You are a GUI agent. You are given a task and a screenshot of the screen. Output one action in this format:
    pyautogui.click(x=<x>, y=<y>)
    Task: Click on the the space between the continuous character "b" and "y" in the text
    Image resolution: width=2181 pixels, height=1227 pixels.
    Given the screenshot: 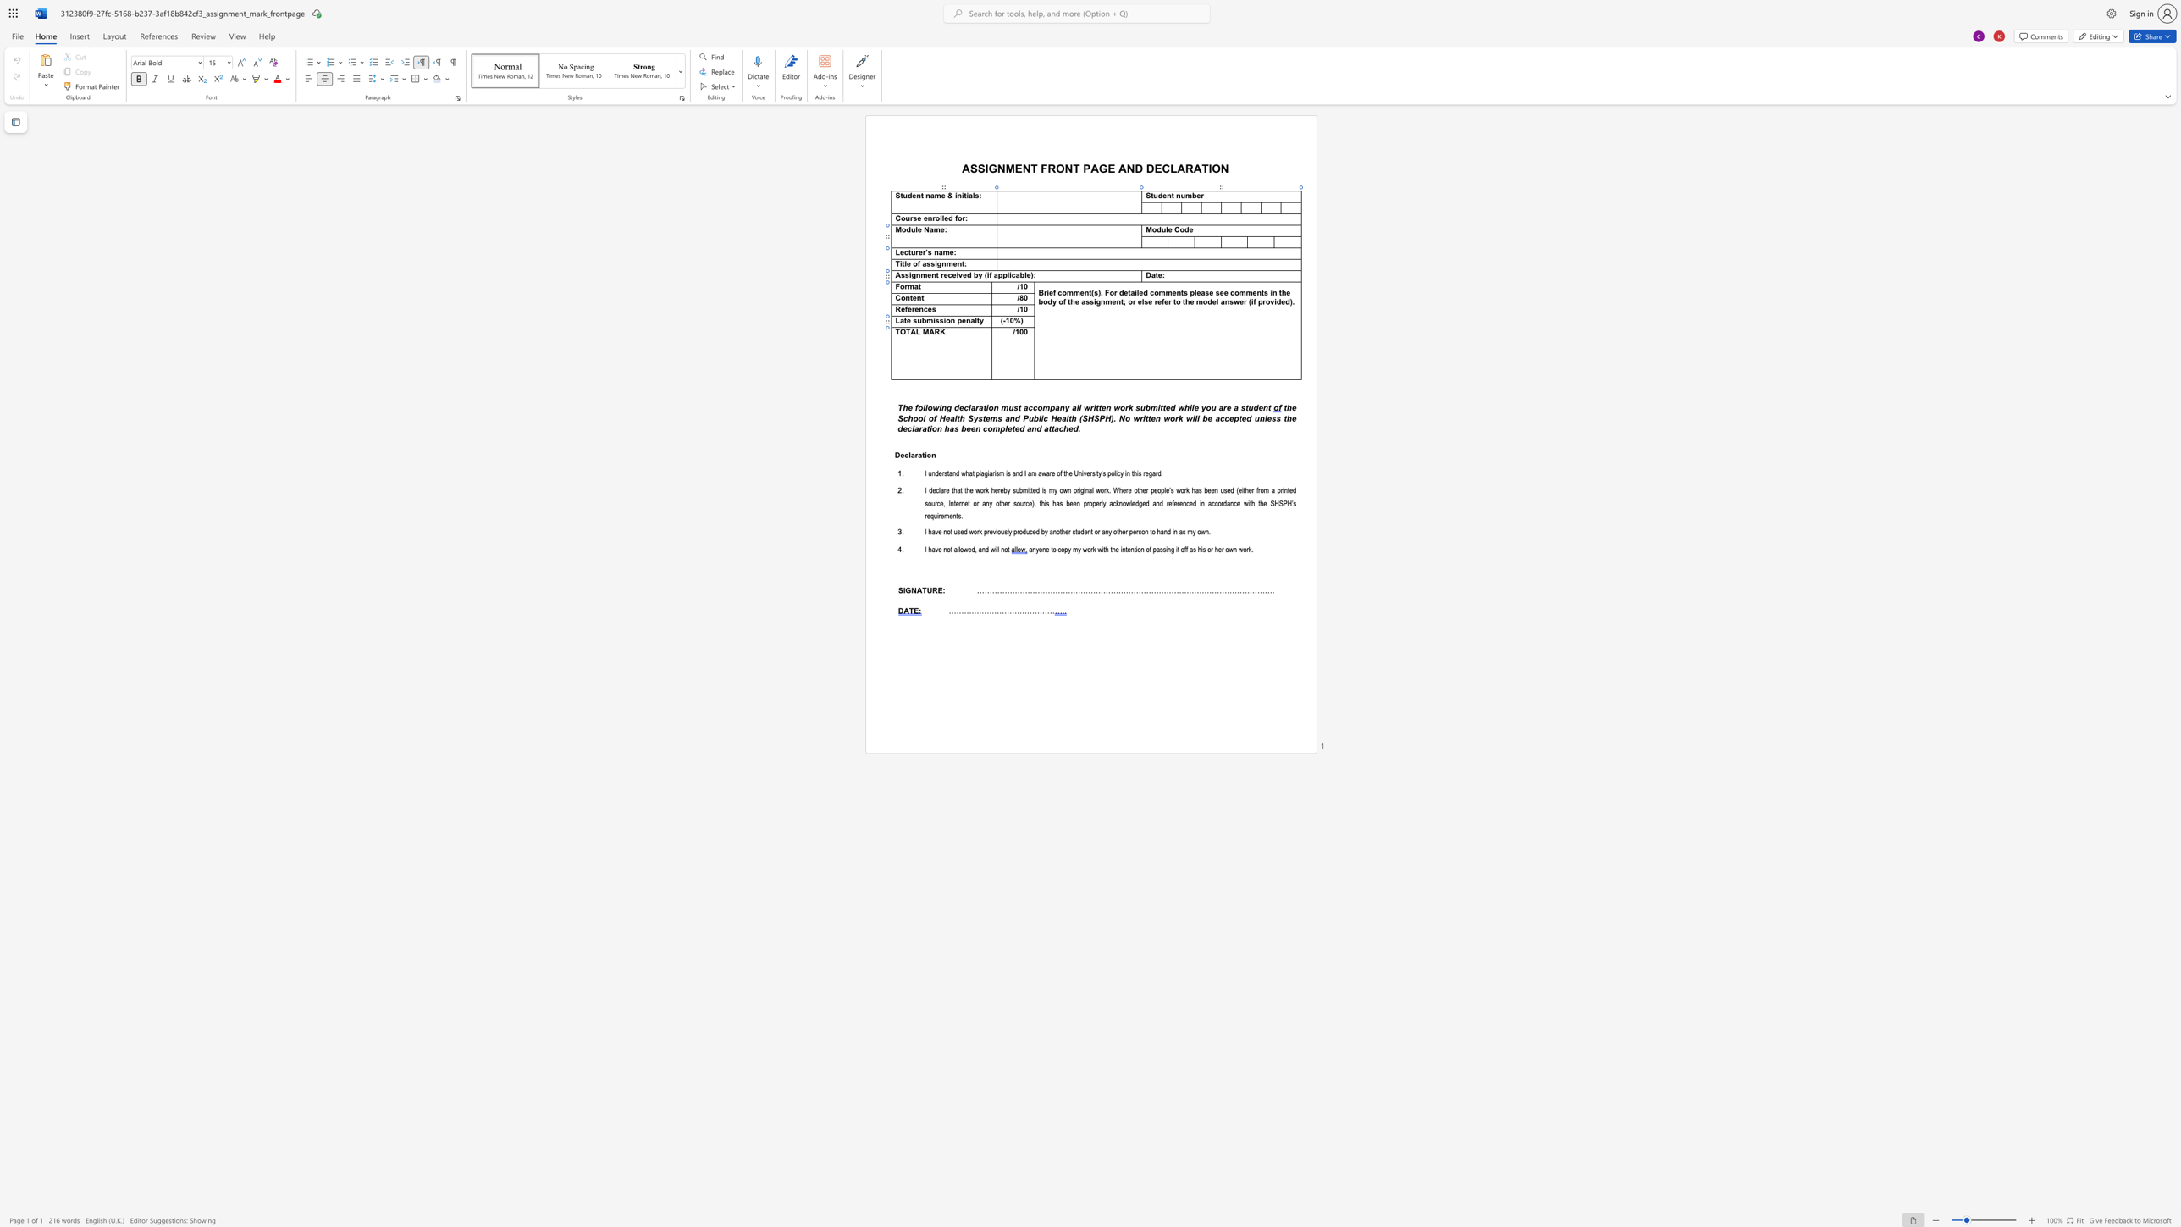 What is the action you would take?
    pyautogui.click(x=1007, y=490)
    